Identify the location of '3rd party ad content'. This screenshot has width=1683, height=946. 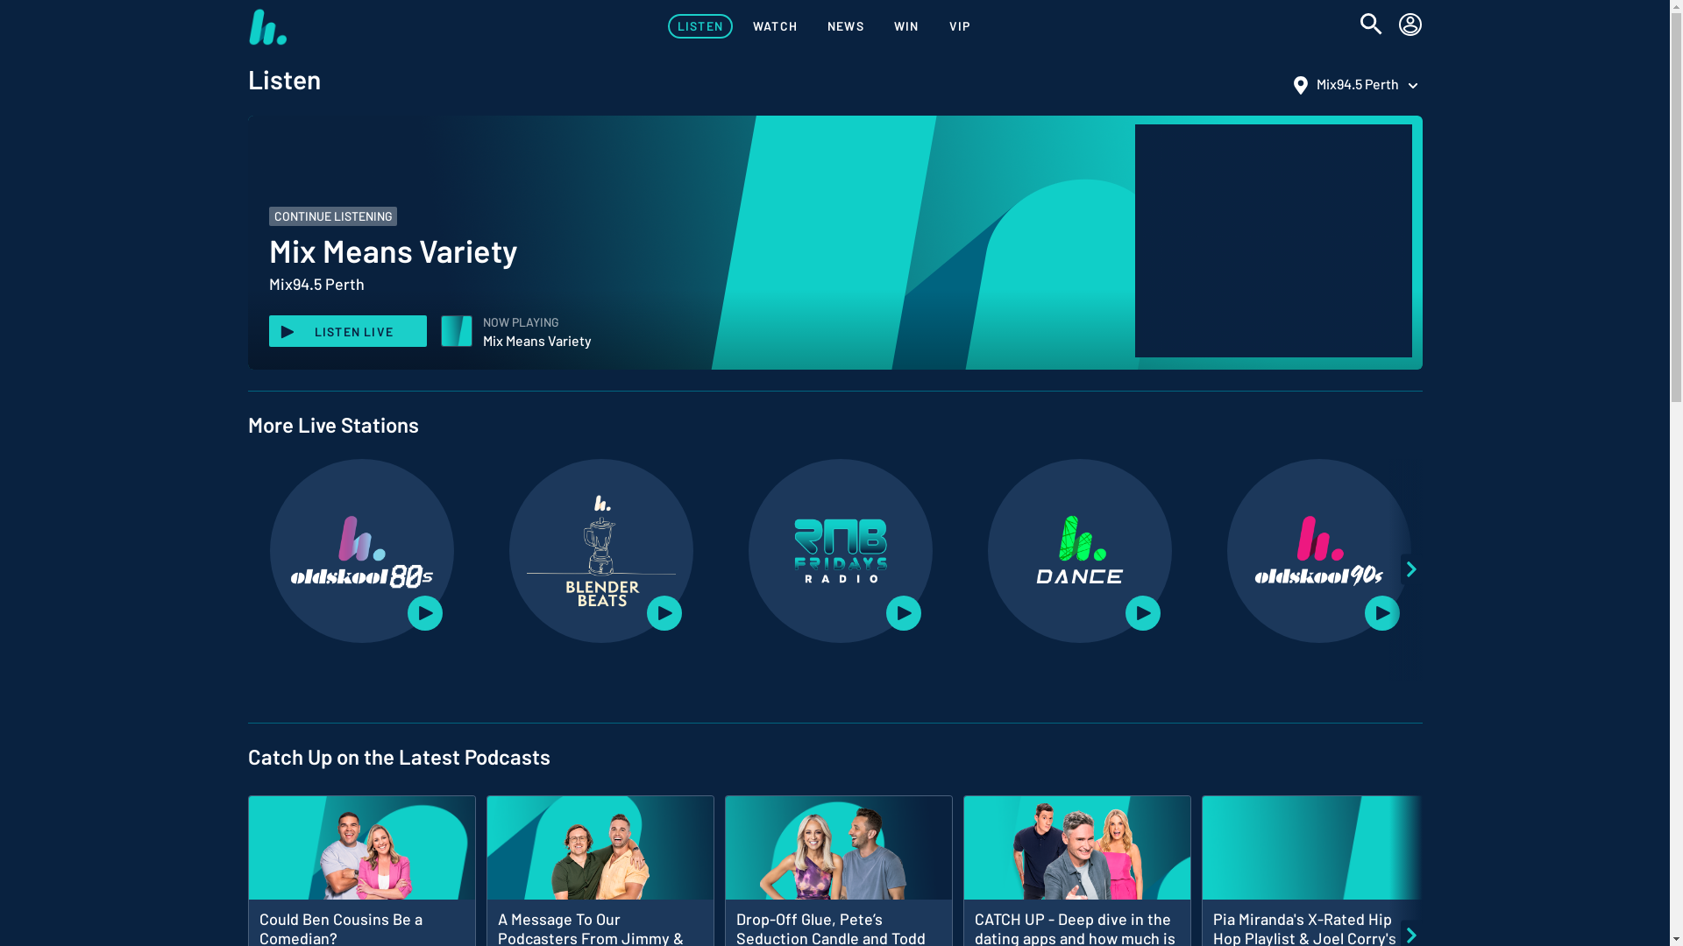
(1272, 240).